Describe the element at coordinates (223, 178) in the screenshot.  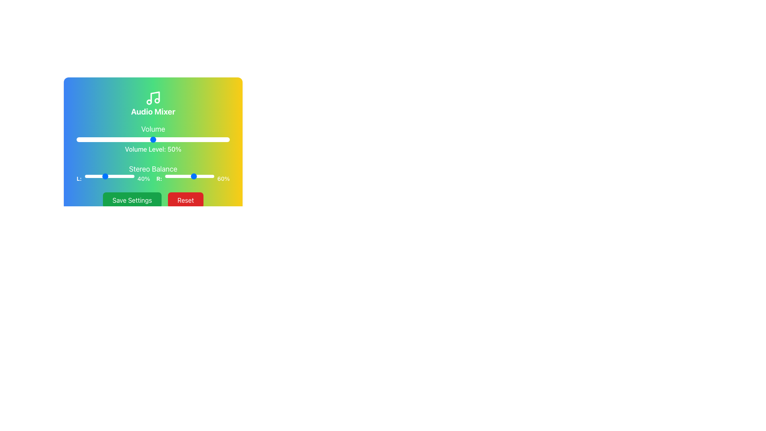
I see `the static text element displaying the current value in percentage for the right channel balance, located in the lower-right section of the interface` at that location.